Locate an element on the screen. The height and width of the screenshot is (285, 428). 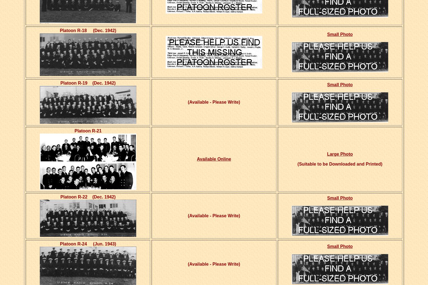
'Large 
                
                Photo' is located at coordinates (340, 154).